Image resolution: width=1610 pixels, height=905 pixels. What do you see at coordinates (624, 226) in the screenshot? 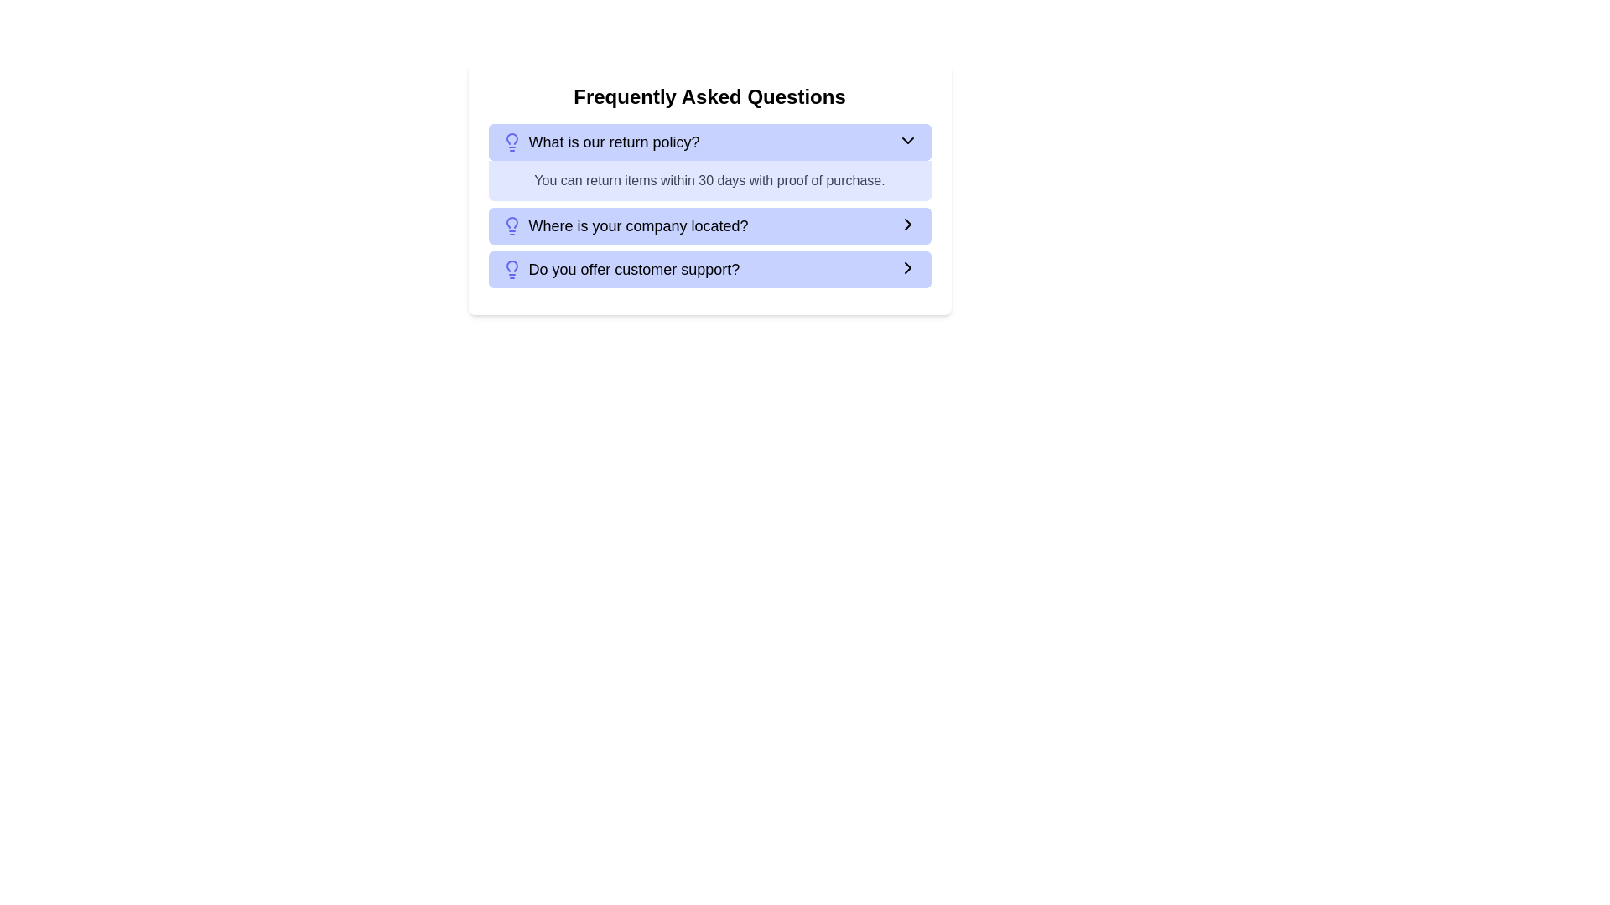
I see `the label reading 'Where is your company located?' which is styled in medium-sized sans-serif font and is part of a frequently asked questions interface` at bounding box center [624, 226].